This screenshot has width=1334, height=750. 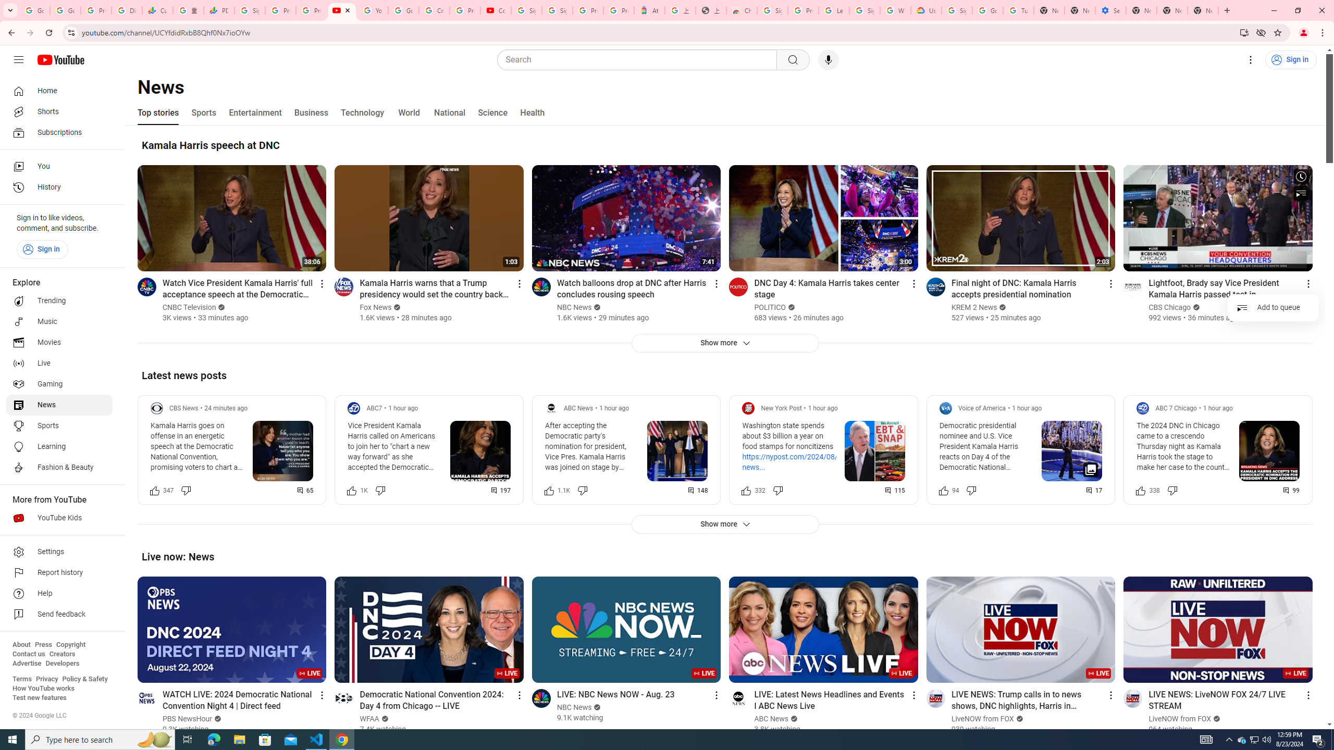 What do you see at coordinates (491, 112) in the screenshot?
I see `'Science'` at bounding box center [491, 112].